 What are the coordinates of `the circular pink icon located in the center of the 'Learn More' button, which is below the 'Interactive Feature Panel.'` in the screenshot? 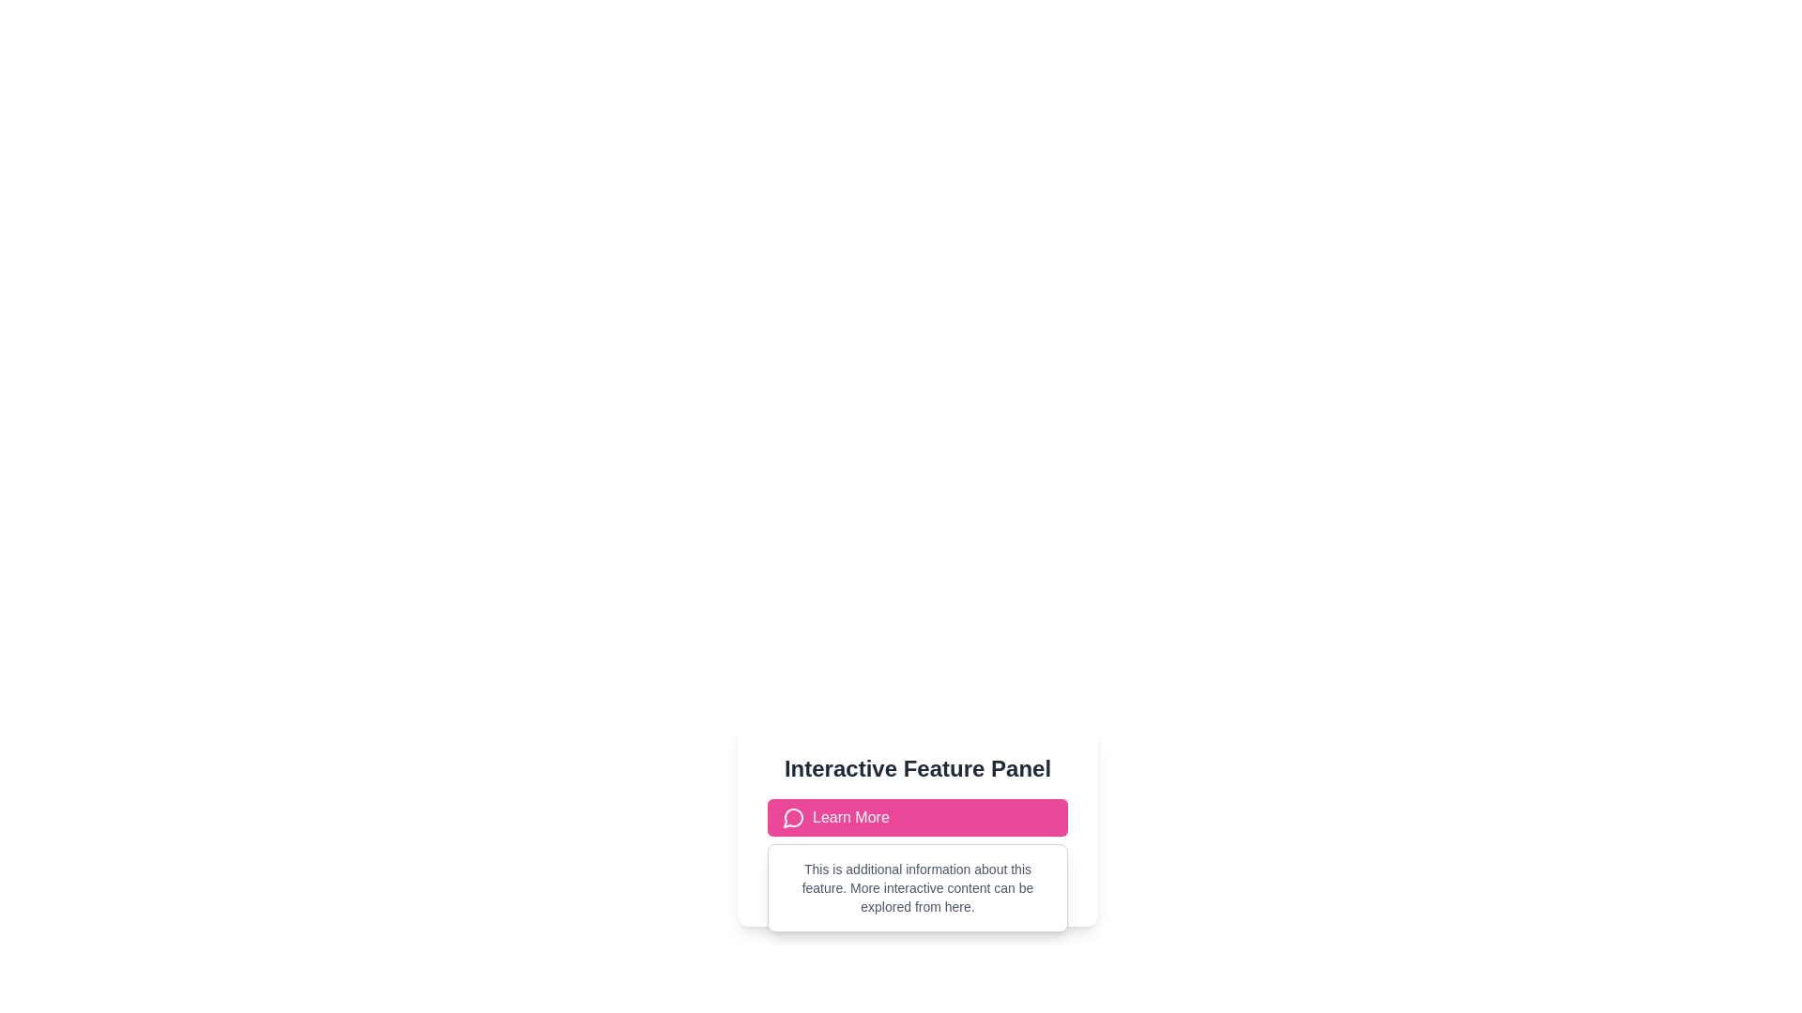 It's located at (793, 817).